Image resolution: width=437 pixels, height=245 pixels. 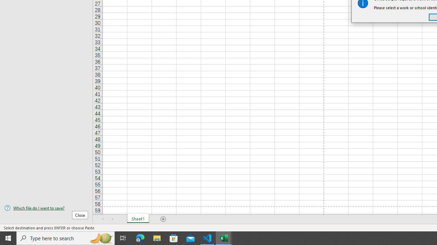 What do you see at coordinates (113, 219) in the screenshot?
I see `'Scroll Right'` at bounding box center [113, 219].